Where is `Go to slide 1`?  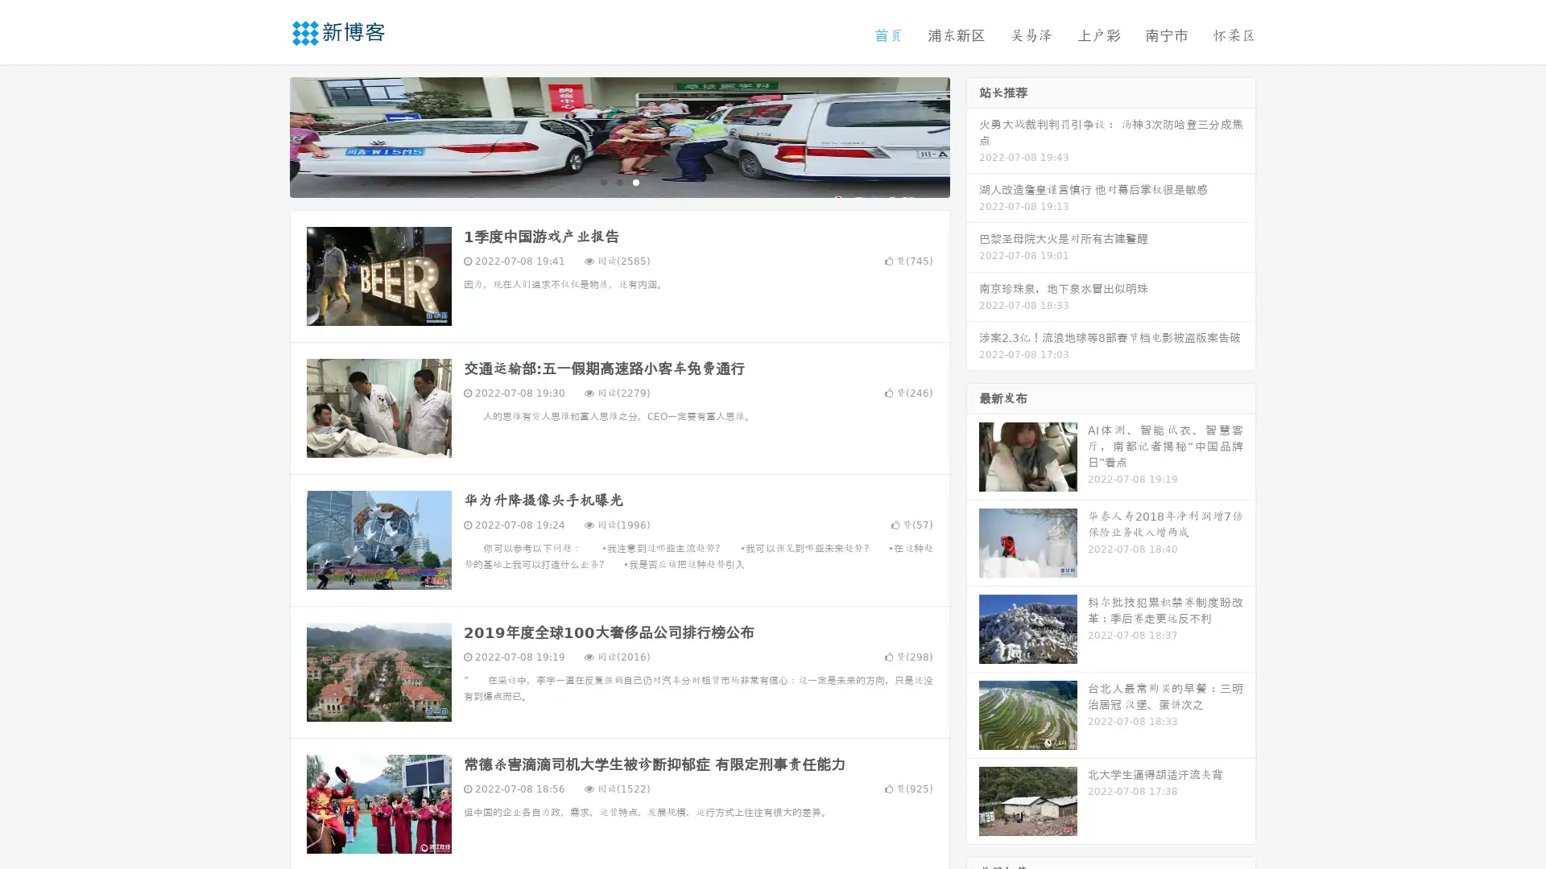
Go to slide 1 is located at coordinates (602, 181).